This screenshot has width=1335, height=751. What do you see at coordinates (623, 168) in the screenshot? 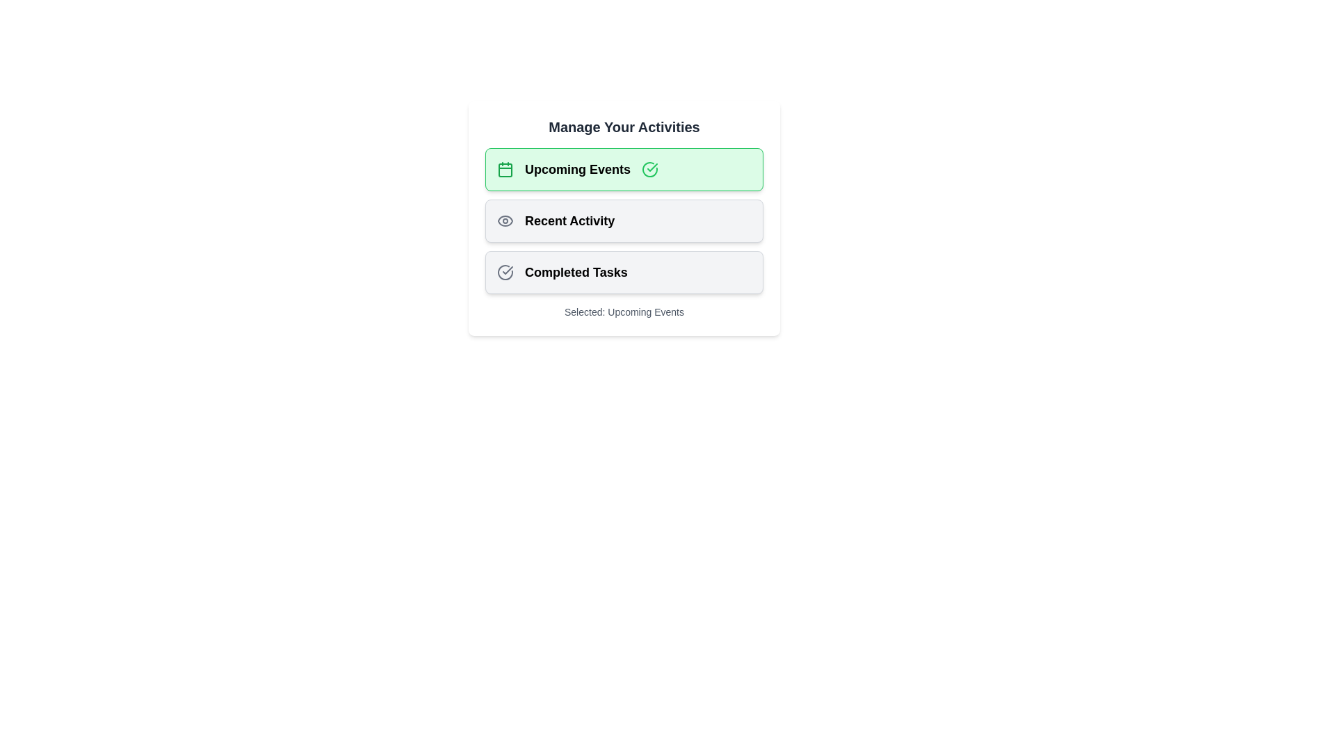
I see `the chip labeled Upcoming Events to observe the hover effect` at bounding box center [623, 168].